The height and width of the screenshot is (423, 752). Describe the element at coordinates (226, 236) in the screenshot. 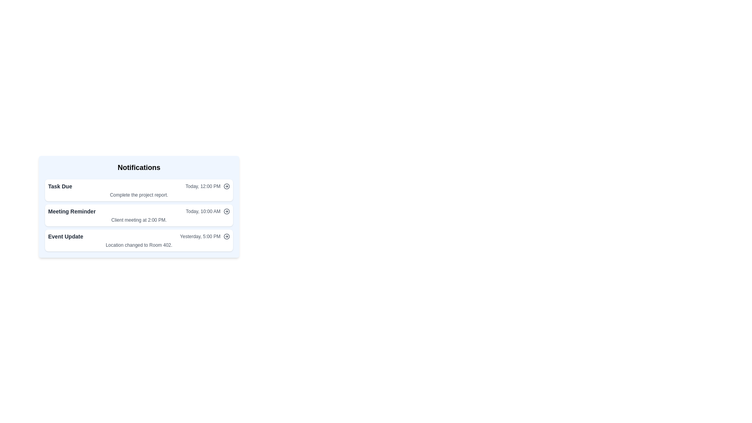

I see `the circular icon with a right-pointing arrow located in the rightmost section of the third notification item labeled 'Event Update', adjacent to the timestamp 'Yesterday, 5:00 PM'` at that location.